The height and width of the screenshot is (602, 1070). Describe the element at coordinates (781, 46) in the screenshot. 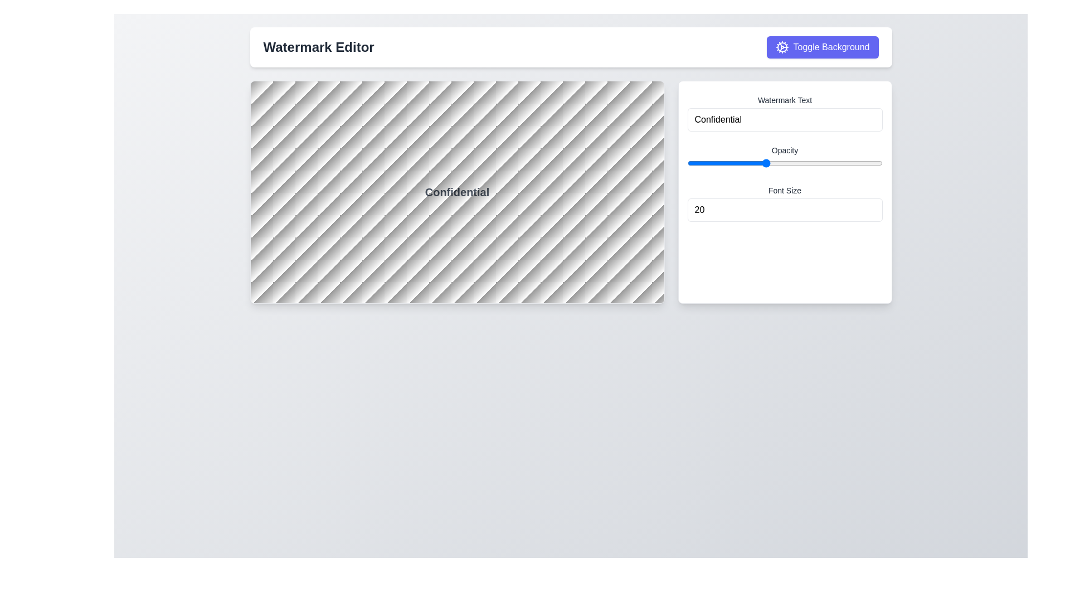

I see `the cogwheel icon, which is a circular figure resembling an outer cogwheel shape with an inner circle, located in the top-right section of the interface near the 'Toggle Background' button` at that location.